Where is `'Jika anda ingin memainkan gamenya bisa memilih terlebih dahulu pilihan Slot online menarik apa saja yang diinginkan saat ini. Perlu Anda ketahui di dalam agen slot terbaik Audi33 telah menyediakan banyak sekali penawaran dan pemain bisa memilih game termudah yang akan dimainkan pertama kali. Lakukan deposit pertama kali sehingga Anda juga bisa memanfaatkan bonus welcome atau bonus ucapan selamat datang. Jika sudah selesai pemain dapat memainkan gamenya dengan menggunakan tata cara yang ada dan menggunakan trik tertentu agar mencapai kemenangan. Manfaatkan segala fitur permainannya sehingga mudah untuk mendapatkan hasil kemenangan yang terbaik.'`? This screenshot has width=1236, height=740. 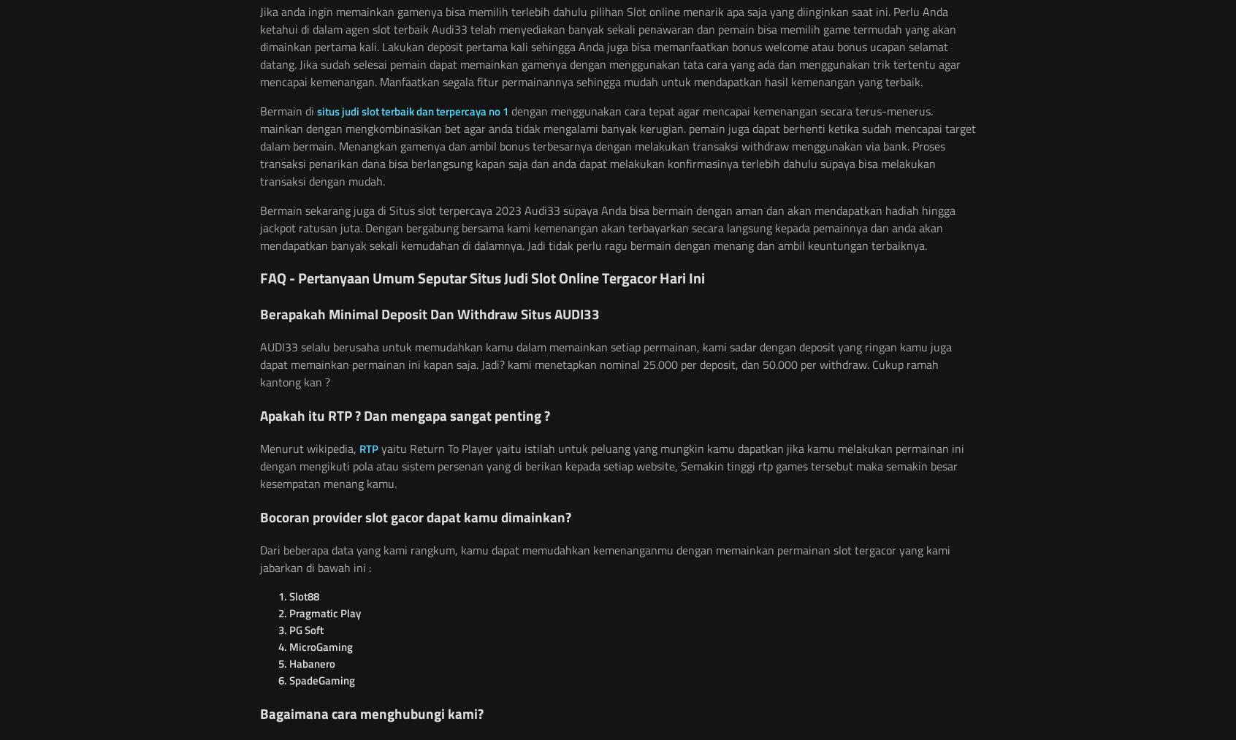 'Jika anda ingin memainkan gamenya bisa memilih terlebih dahulu pilihan Slot online menarik apa saja yang diinginkan saat ini. Perlu Anda ketahui di dalam agen slot terbaik Audi33 telah menyediakan banyak sekali penawaran dan pemain bisa memilih game termudah yang akan dimainkan pertama kali. Lakukan deposit pertama kali sehingga Anda juga bisa memanfaatkan bonus welcome atau bonus ucapan selamat datang. Jika sudah selesai pemain dapat memainkan gamenya dengan menggunakan tata cara yang ada dan menggunakan trik tertentu agar mencapai kemenangan. Manfaatkan segala fitur permainannya sehingga mudah untuk mendapatkan hasil kemenangan yang terbaik.' is located at coordinates (610, 46).